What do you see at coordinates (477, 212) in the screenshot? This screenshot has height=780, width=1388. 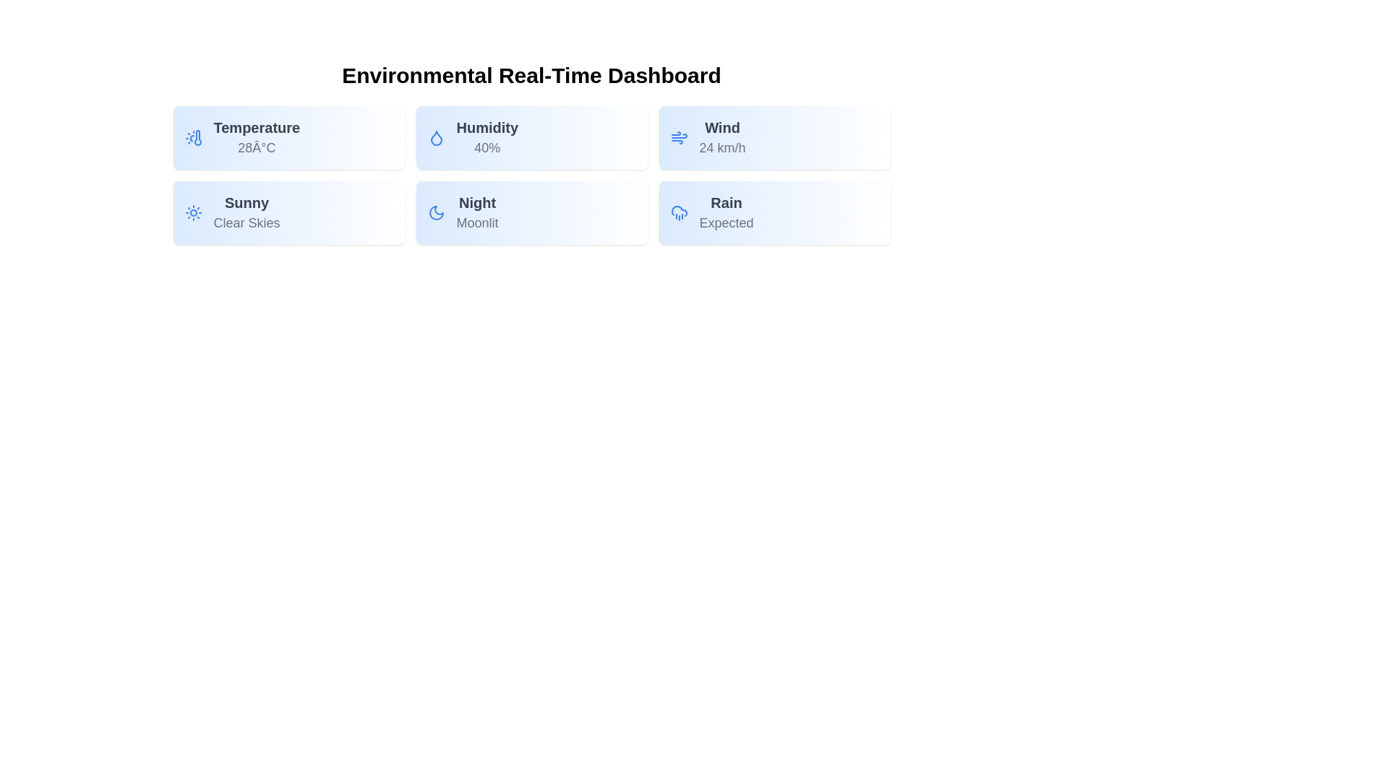 I see `the Text label displaying 'Night' and 'Moonlit', located in the second row and third column of the card layout under the moon icon` at bounding box center [477, 212].